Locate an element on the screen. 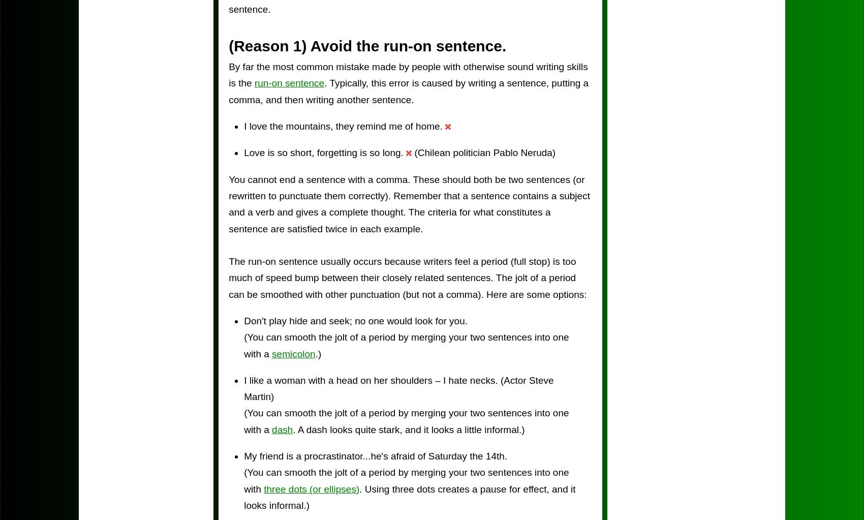  'run-on sentence' is located at coordinates (288, 83).